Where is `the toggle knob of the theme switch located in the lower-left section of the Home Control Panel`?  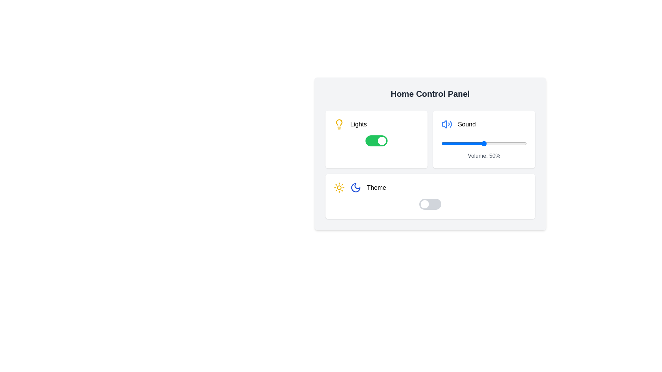
the toggle knob of the theme switch located in the lower-left section of the Home Control Panel is located at coordinates (430, 204).